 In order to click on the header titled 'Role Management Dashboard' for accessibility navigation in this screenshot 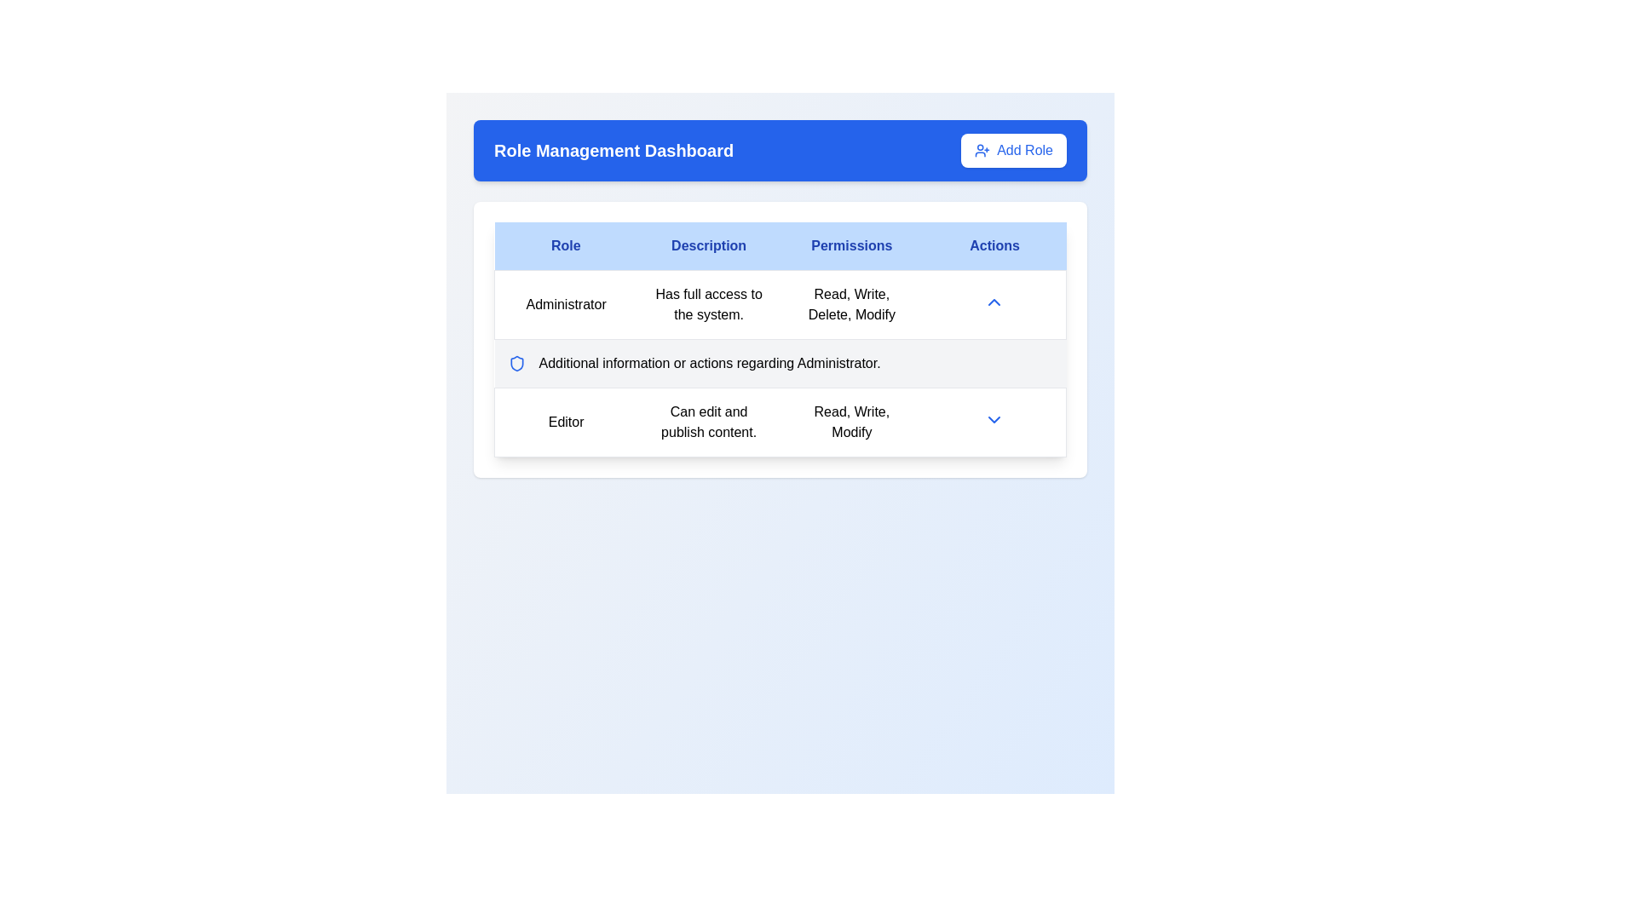, I will do `click(780, 150)`.